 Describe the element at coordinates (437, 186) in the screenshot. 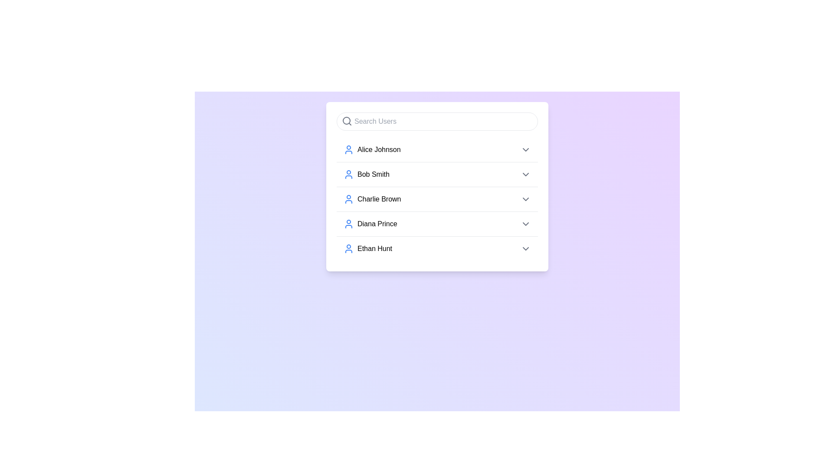

I see `the third user entry labeled 'Charlie Brown' in the user list, which is styled with a white background and rounded corners` at that location.